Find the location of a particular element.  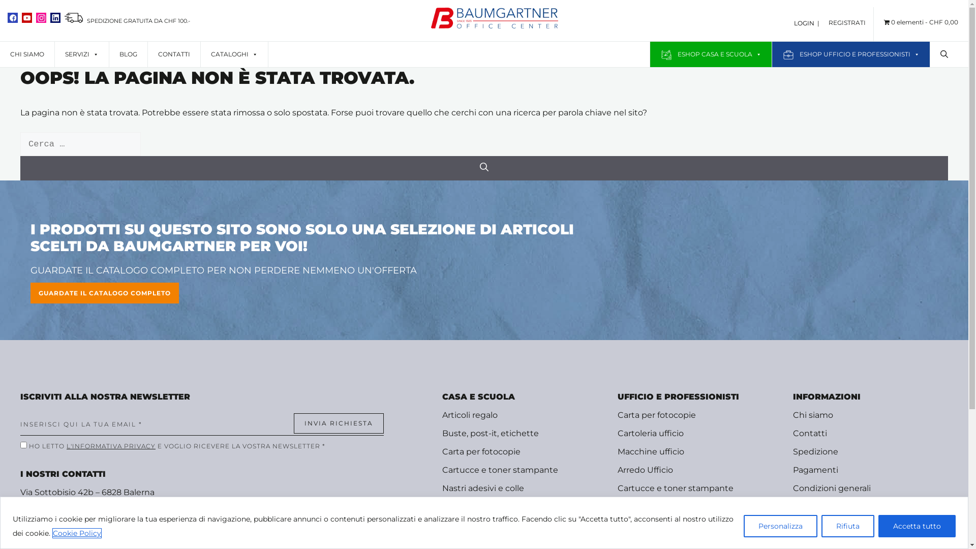

'L'INFORMATIVA PRIVACY' is located at coordinates (111, 445).